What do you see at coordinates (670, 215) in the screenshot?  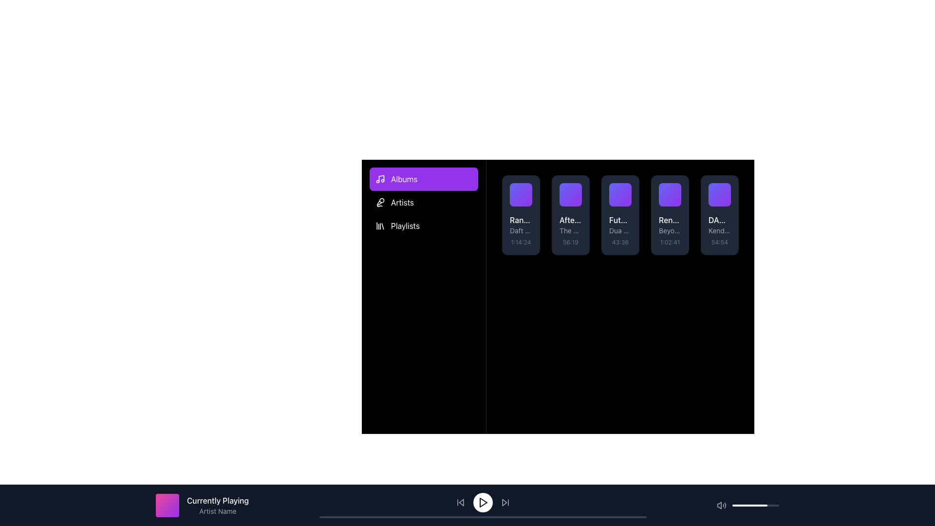 I see `the fourth interactive card in the 'Albums' section` at bounding box center [670, 215].